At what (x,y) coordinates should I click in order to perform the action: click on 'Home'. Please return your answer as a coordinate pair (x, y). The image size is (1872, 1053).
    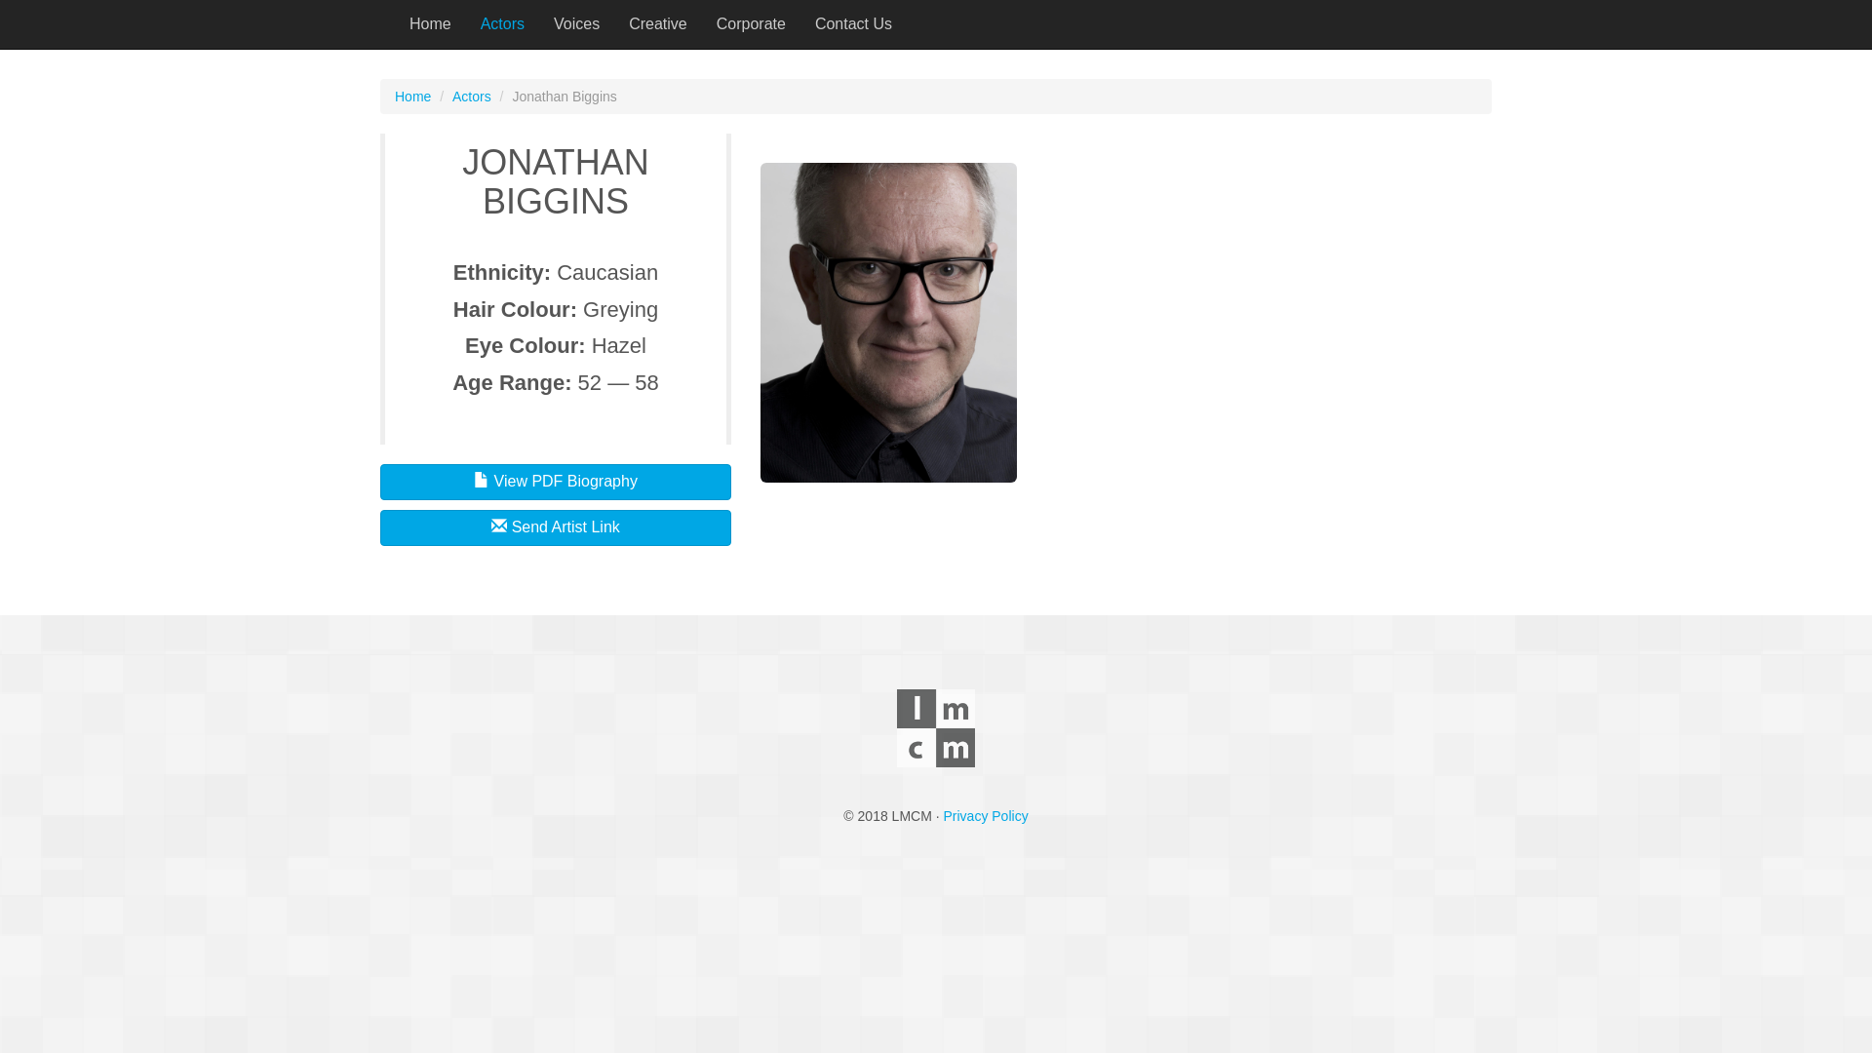
    Looking at the image, I should click on (393, 23).